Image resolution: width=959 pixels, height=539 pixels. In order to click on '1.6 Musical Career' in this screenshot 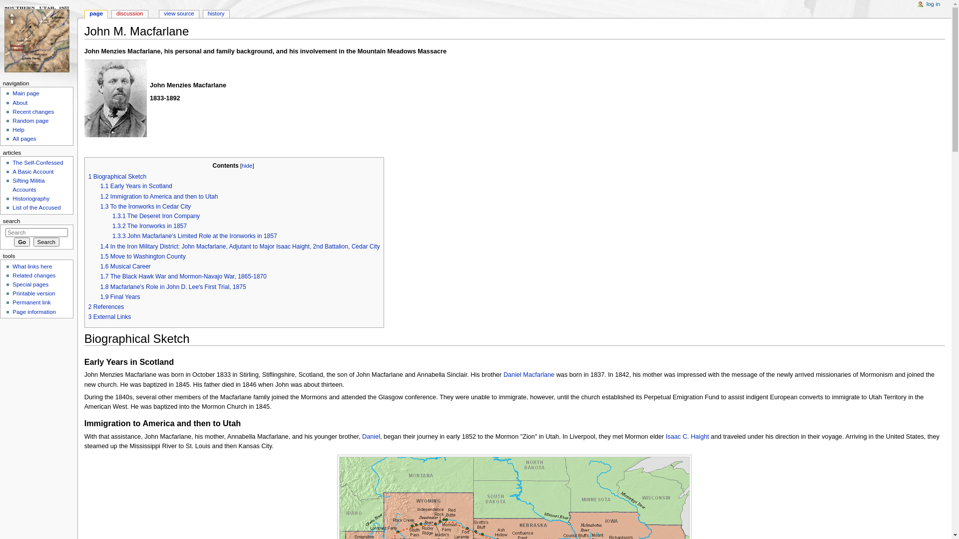, I will do `click(125, 266)`.